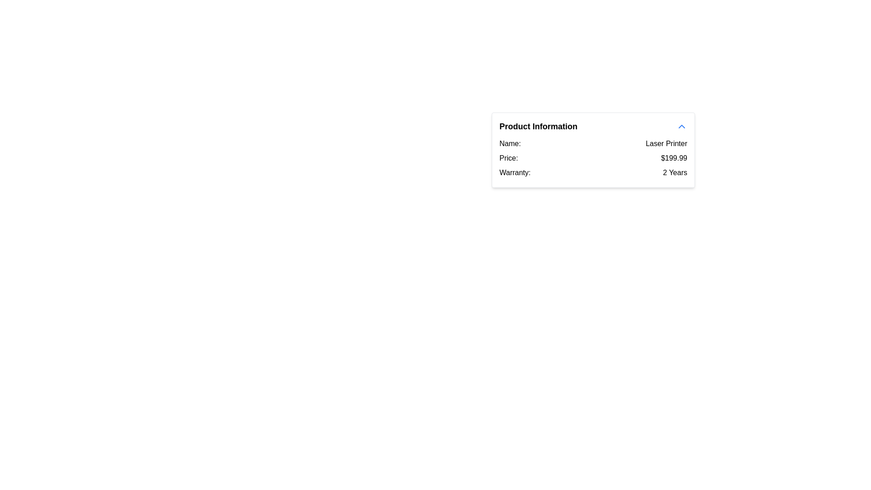 Image resolution: width=871 pixels, height=490 pixels. Describe the element at coordinates (538, 126) in the screenshot. I see `'Product Information' text label which is positioned at the top-left of the product details section, displayed in bold and slightly enlarged font` at that location.